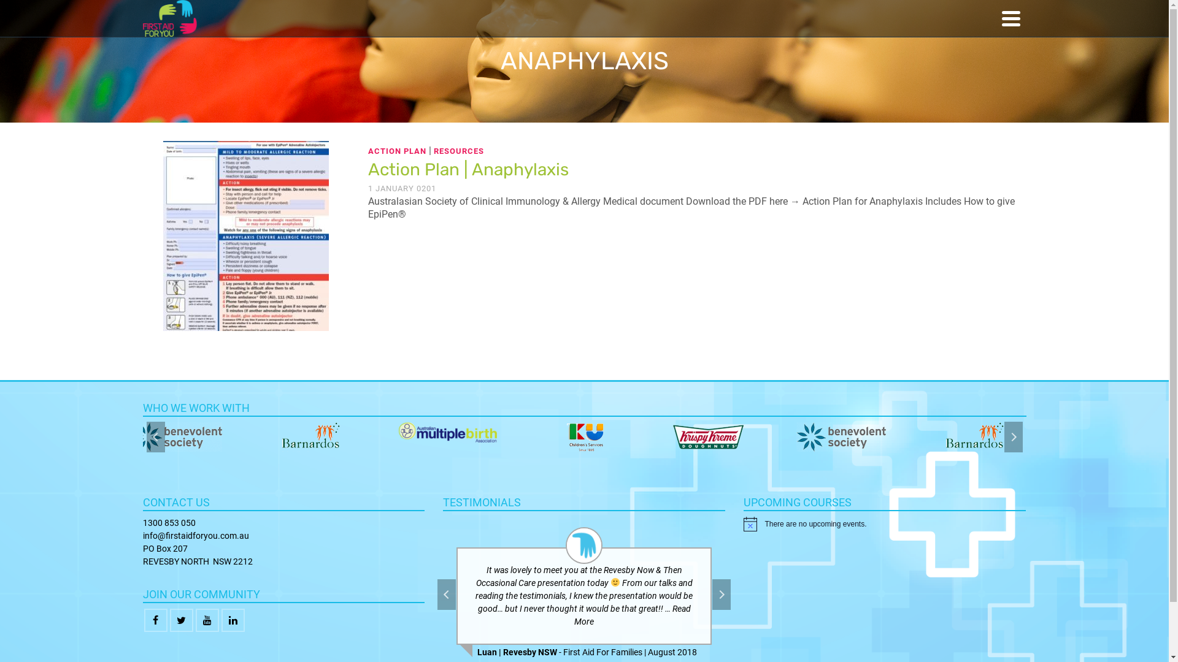 This screenshot has height=662, width=1178. Describe the element at coordinates (446, 593) in the screenshot. I see `'Previous'` at that location.